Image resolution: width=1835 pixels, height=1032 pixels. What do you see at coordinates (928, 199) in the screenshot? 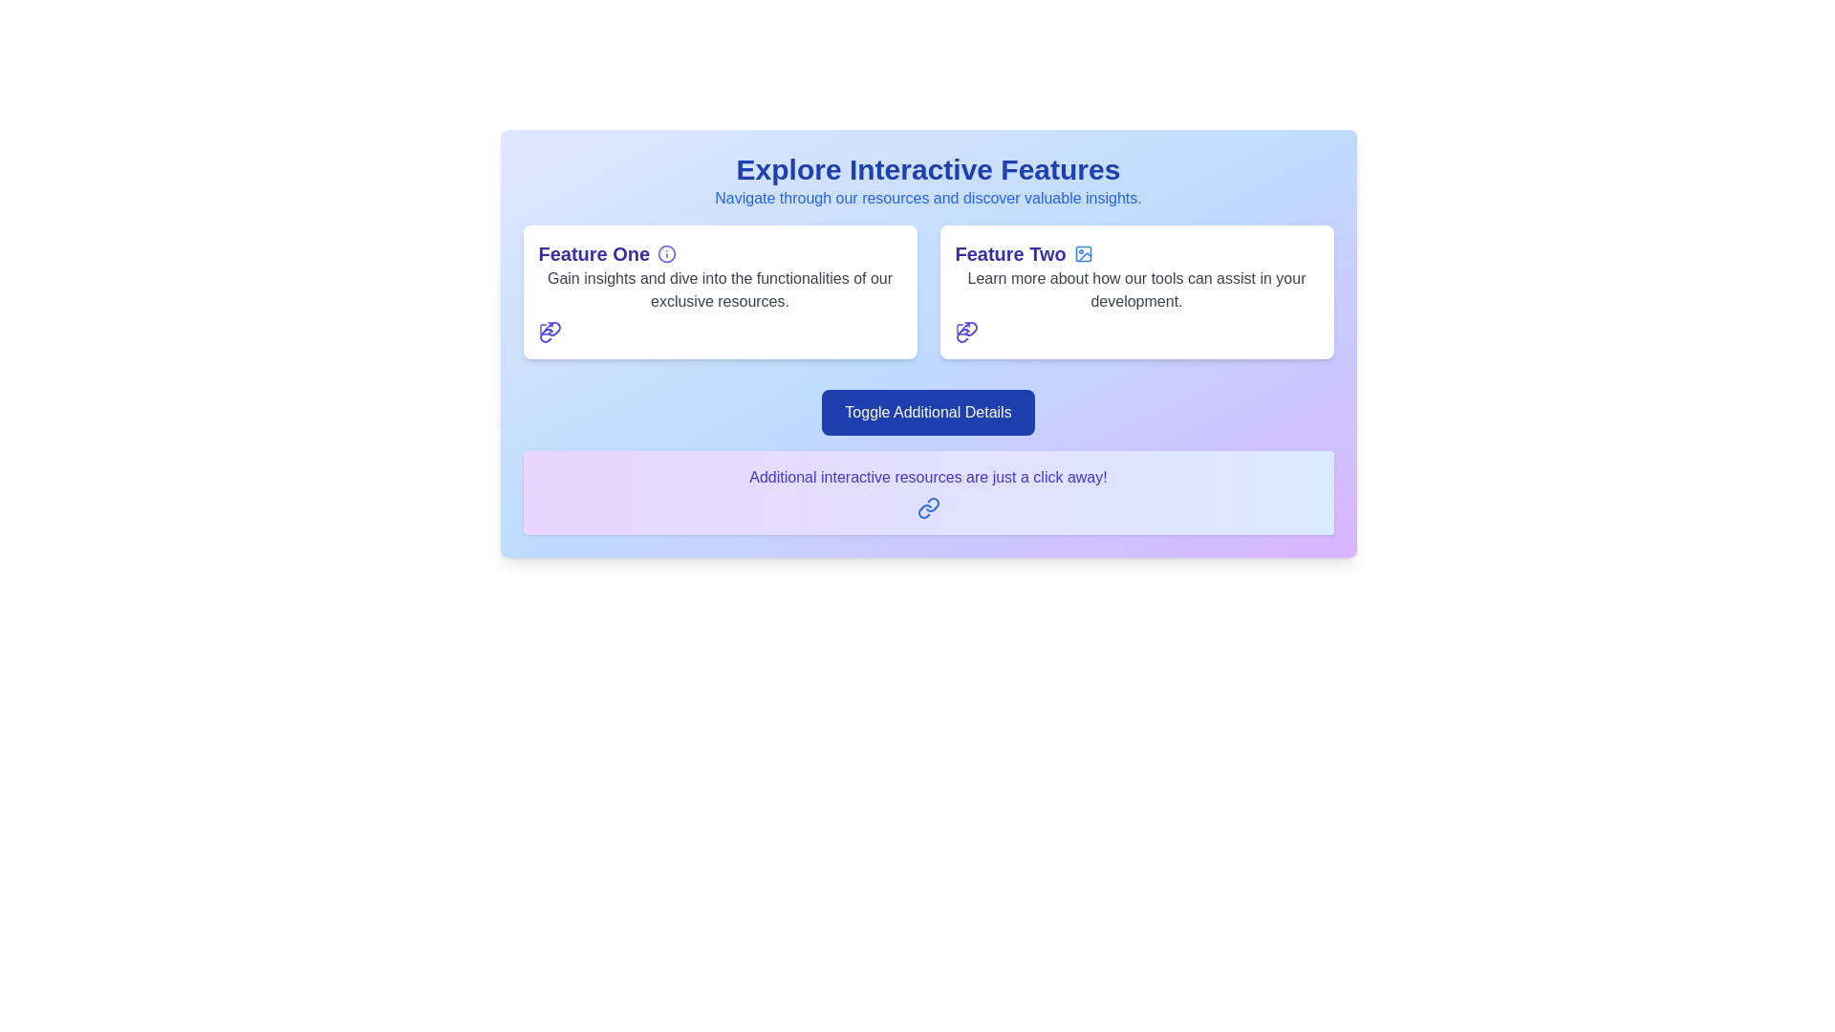
I see `the static text component that reads 'Navigate through our resources and discover valuable insights.', positioned directly below 'Explore Interactive Features.'` at bounding box center [928, 199].